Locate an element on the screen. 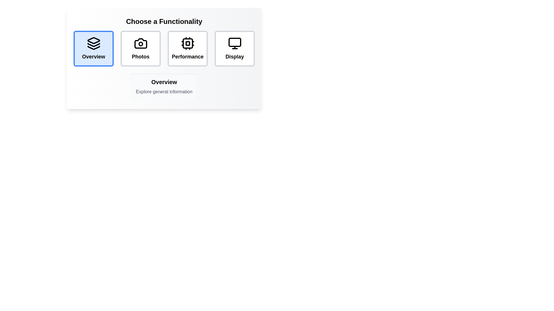  the icon resembling a computer monitor with a base stand, located under the 'Display' label in the 'Choose a Functionality' section is located at coordinates (235, 43).